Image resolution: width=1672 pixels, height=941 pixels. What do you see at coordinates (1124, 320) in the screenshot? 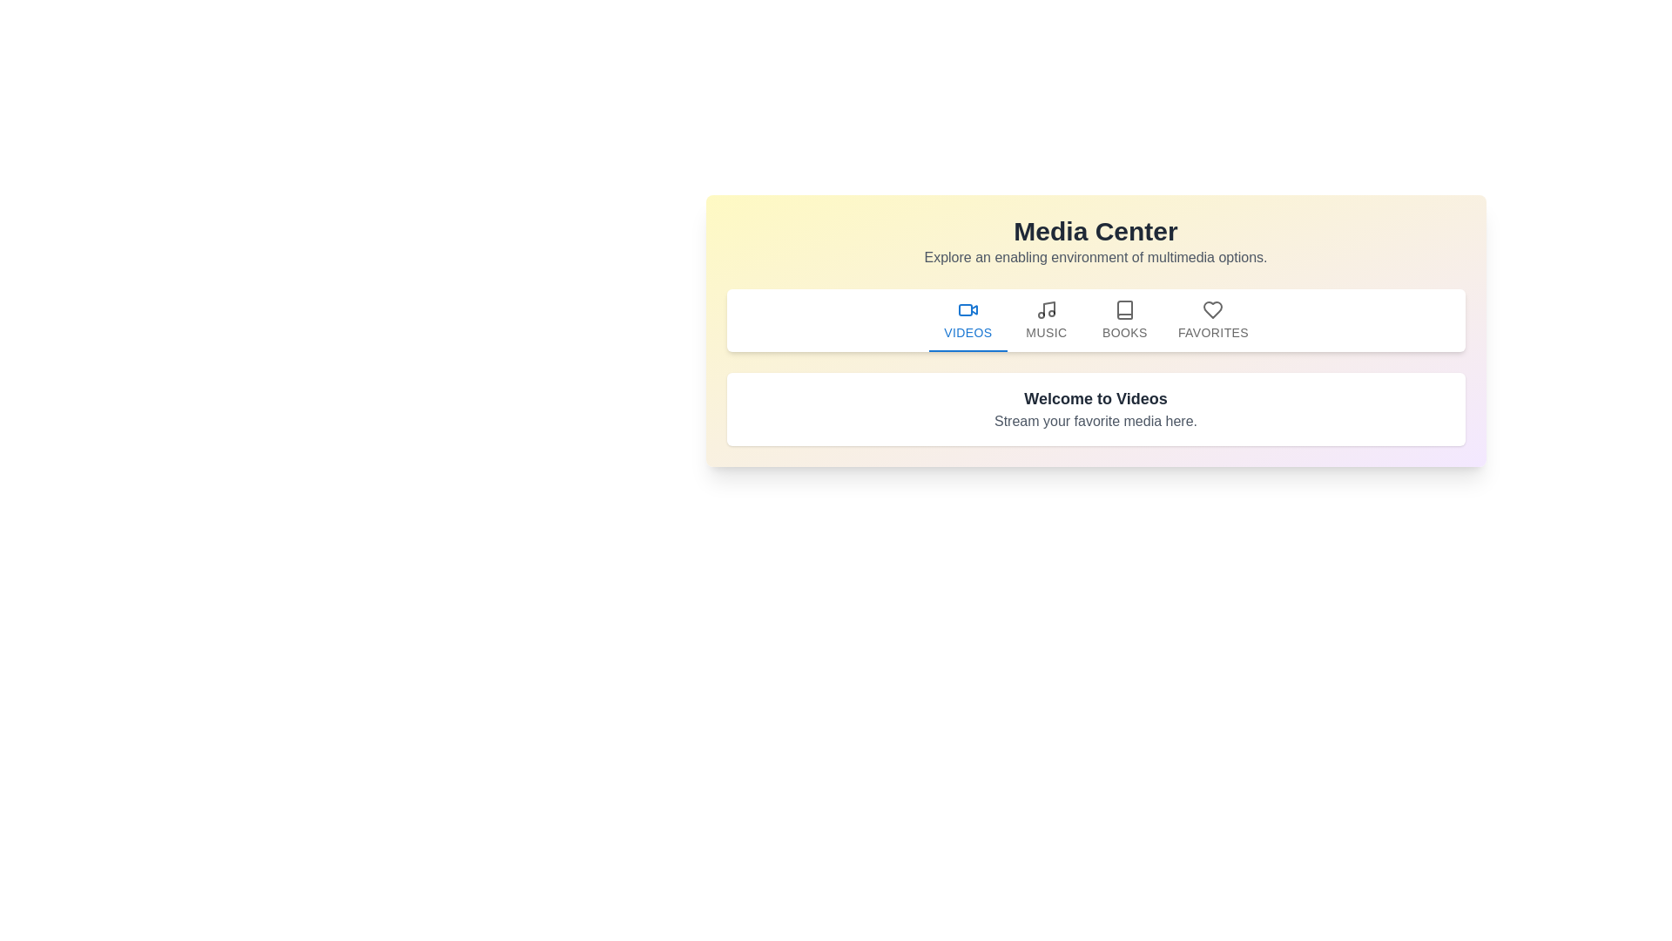
I see `the 'Books' tab in the 'Media Center' navigation section` at bounding box center [1124, 320].